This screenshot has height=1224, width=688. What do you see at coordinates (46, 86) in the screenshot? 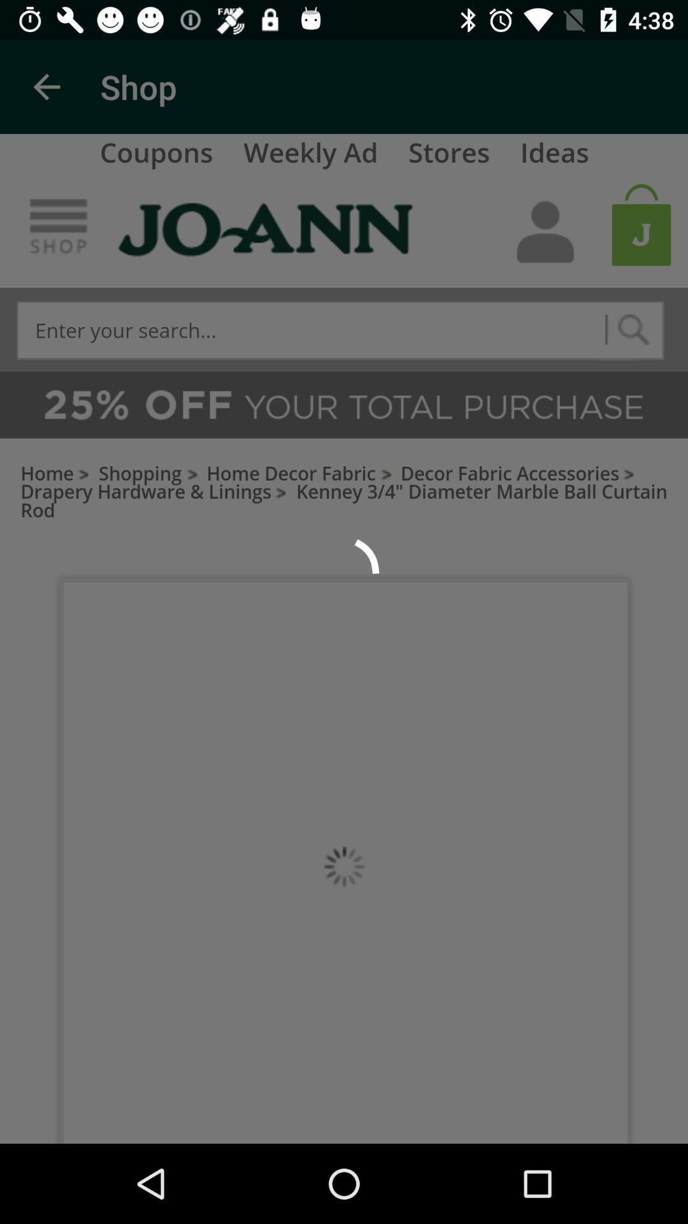
I see `go back` at bounding box center [46, 86].